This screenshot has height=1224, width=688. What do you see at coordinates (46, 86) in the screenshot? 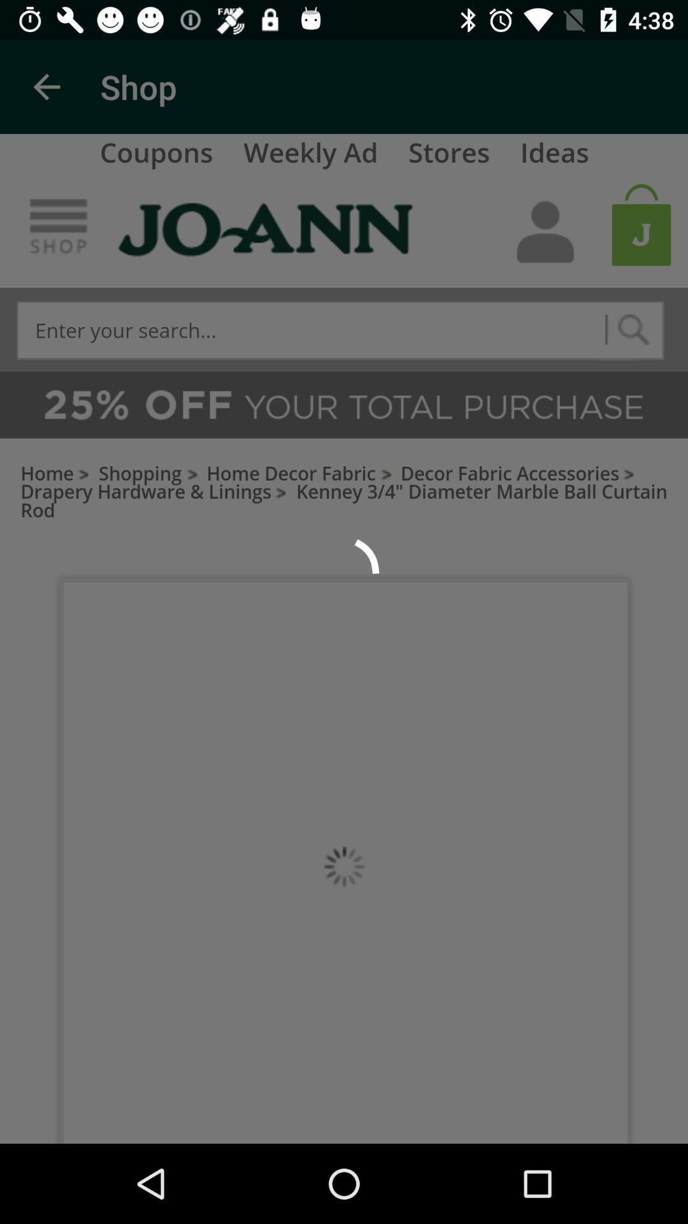
I see `go back` at bounding box center [46, 86].